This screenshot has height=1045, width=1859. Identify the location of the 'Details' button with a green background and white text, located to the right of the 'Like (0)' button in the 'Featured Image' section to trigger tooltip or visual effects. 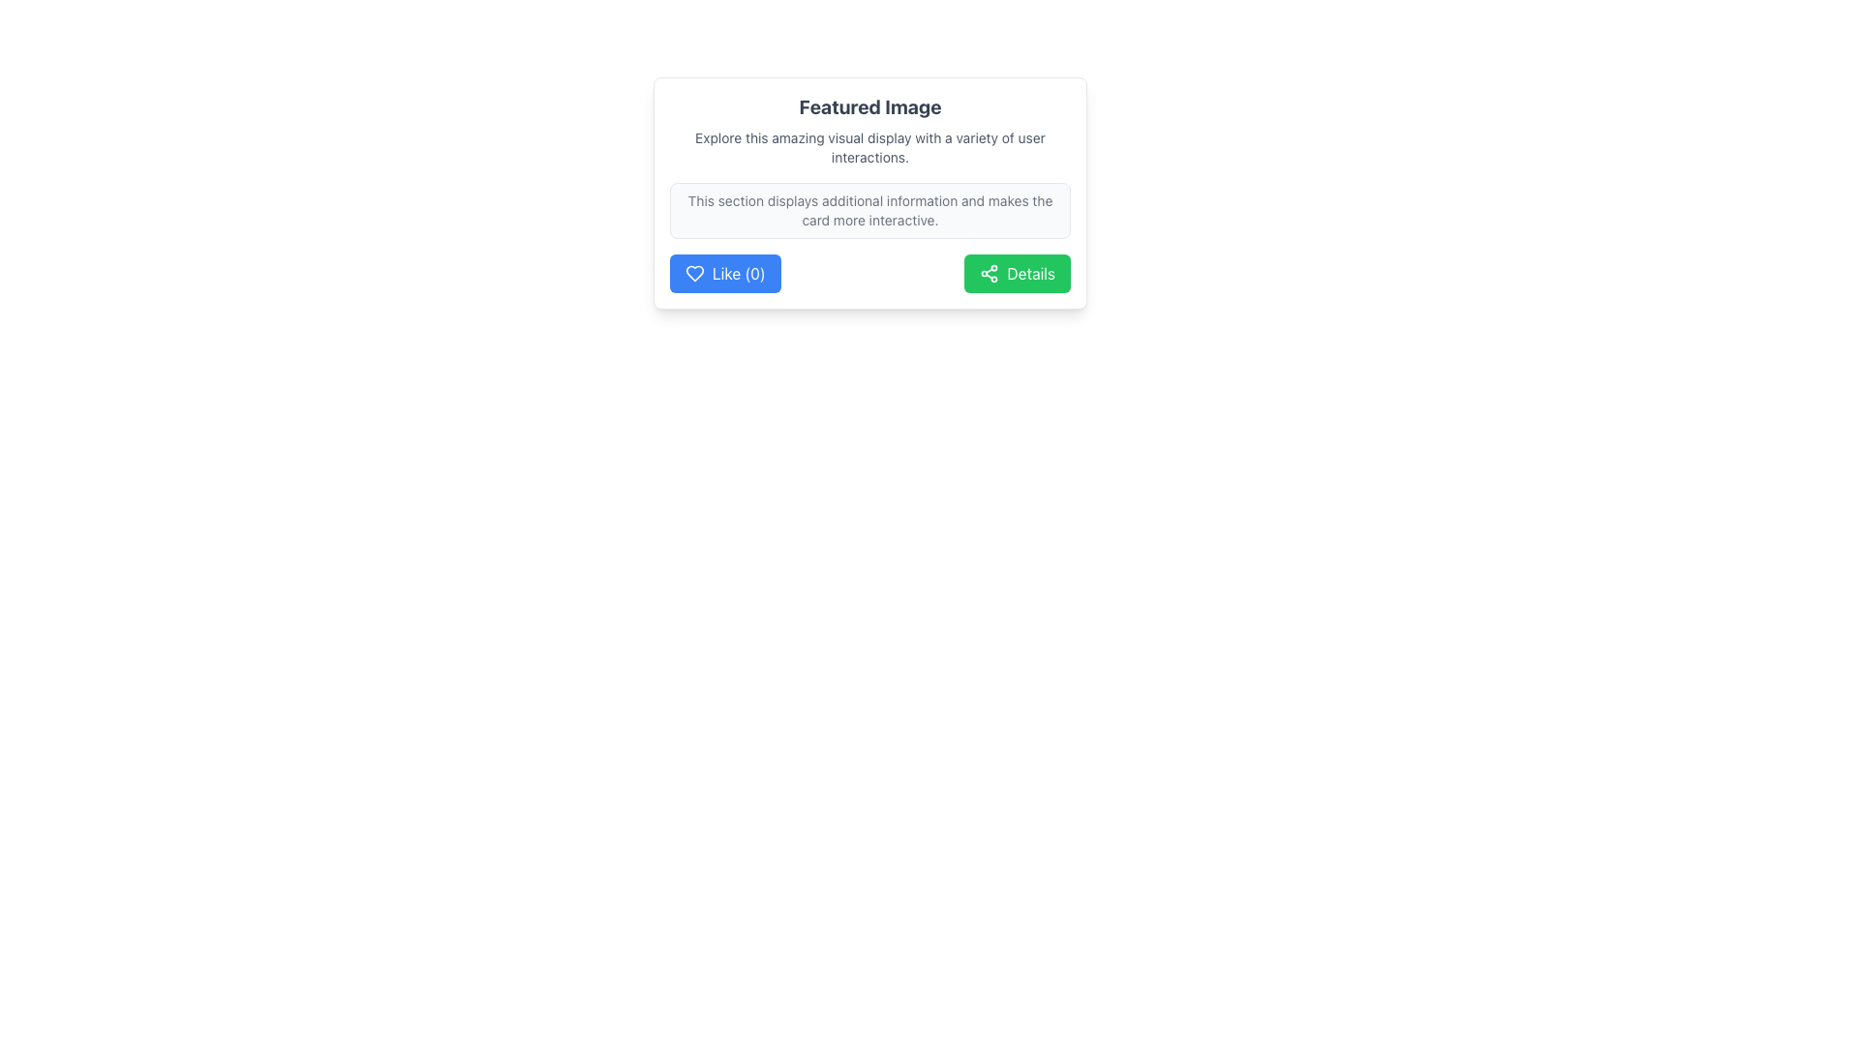
(1017, 273).